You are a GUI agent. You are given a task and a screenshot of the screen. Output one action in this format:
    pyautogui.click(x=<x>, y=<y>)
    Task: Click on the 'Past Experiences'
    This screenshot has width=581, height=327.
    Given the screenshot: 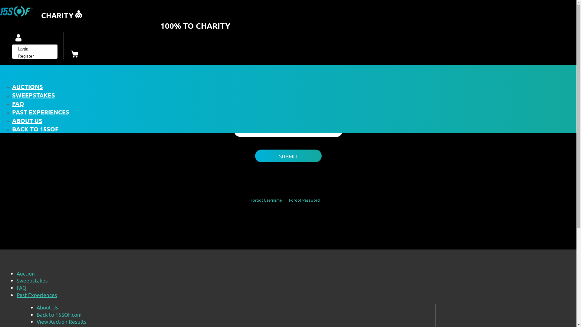 What is the action you would take?
    pyautogui.click(x=36, y=294)
    